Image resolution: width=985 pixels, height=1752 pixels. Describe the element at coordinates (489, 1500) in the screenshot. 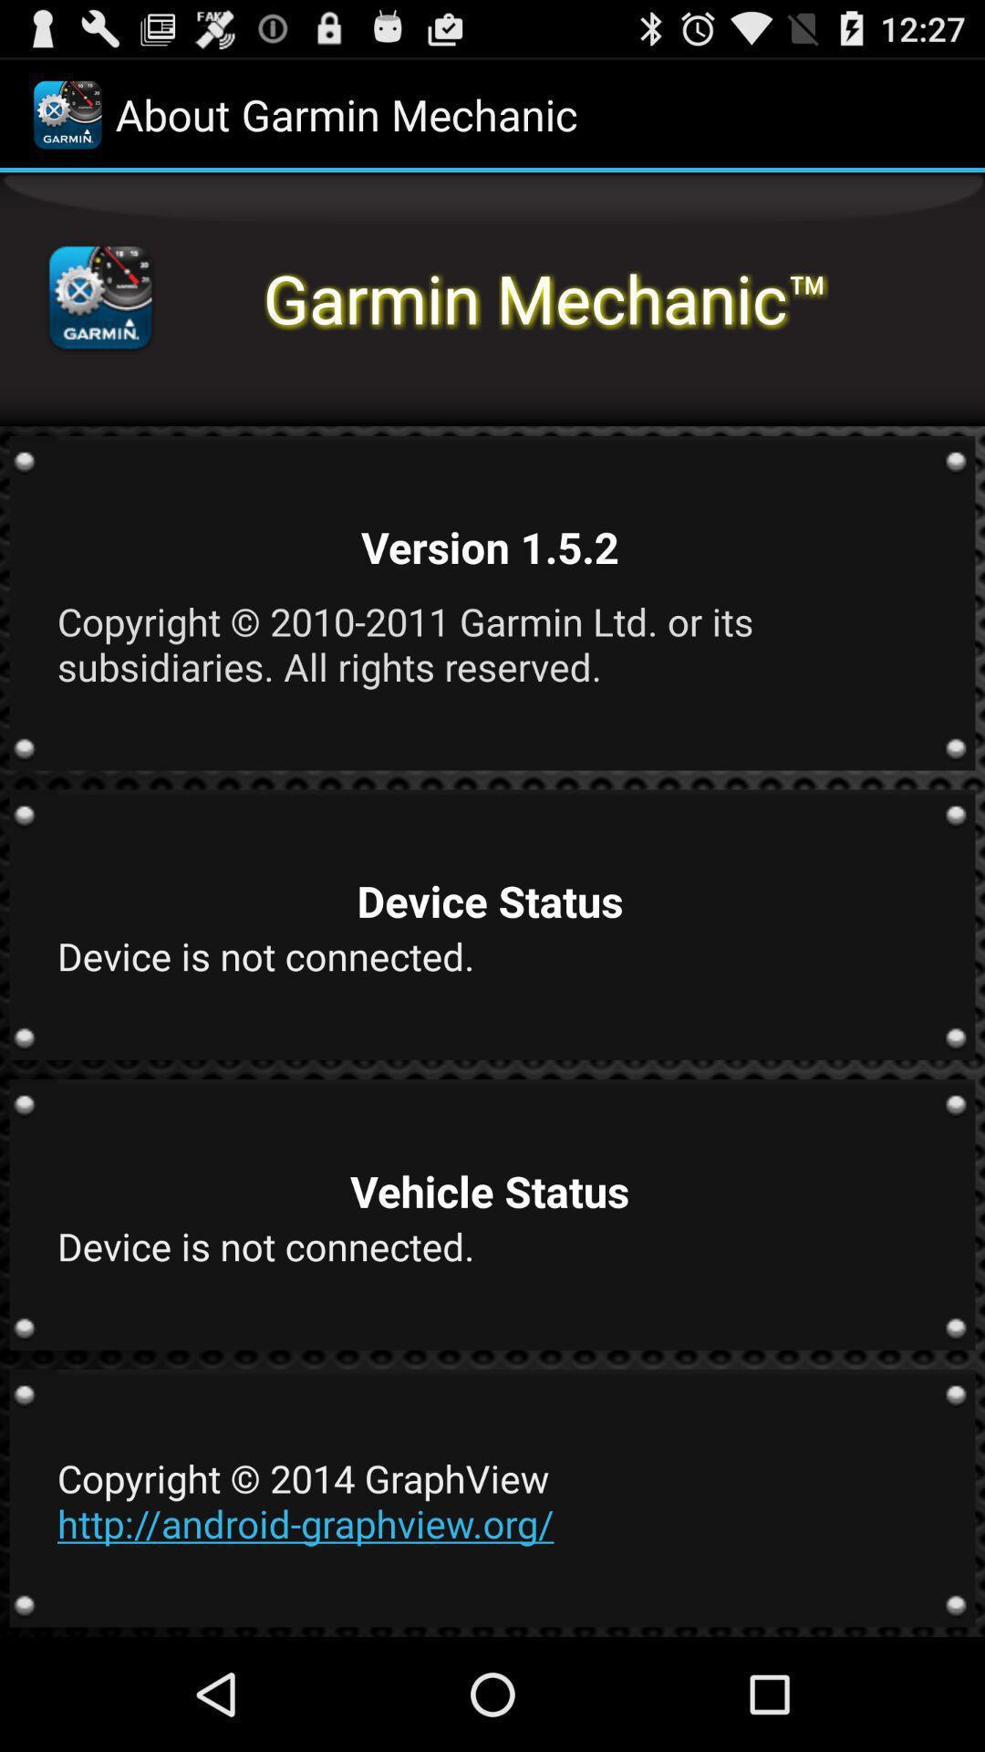

I see `the copyright 2014 graphview` at that location.